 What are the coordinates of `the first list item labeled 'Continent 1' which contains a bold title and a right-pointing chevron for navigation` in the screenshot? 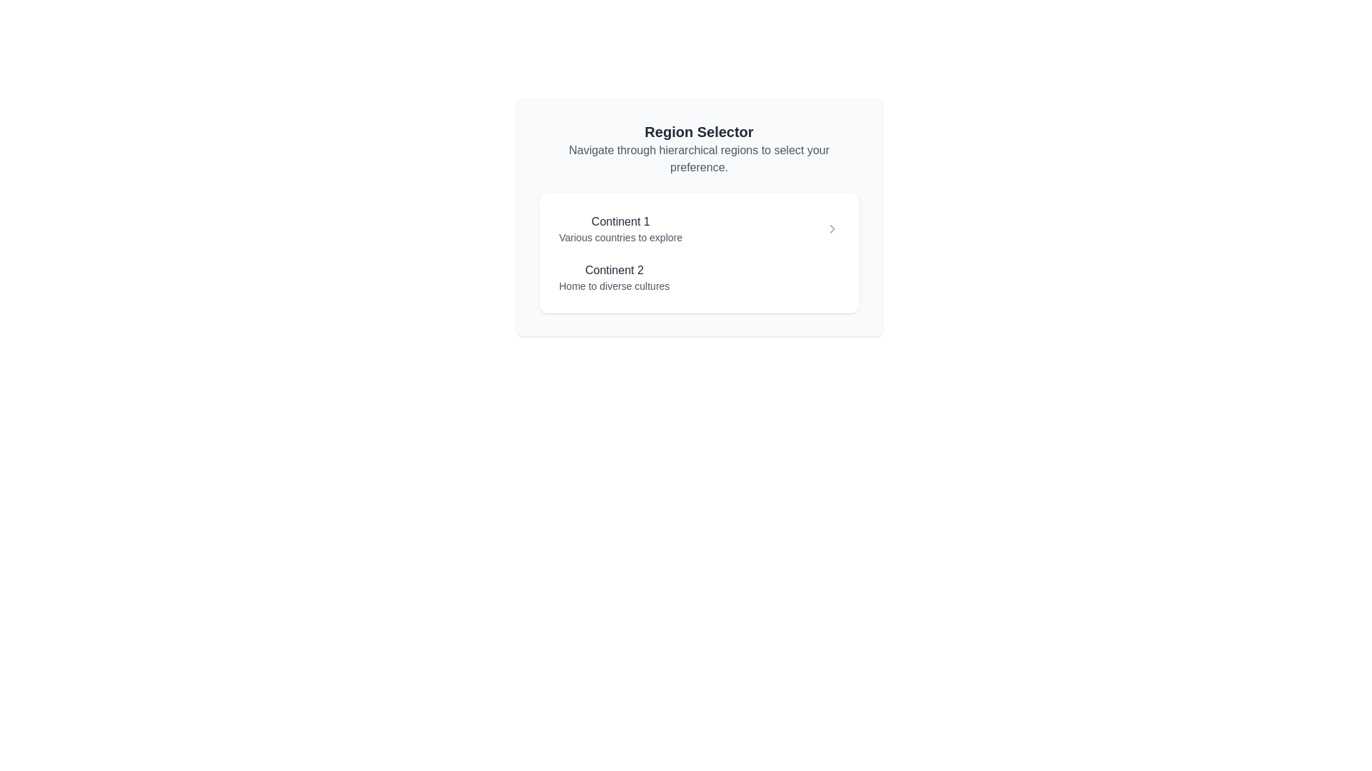 It's located at (699, 228).